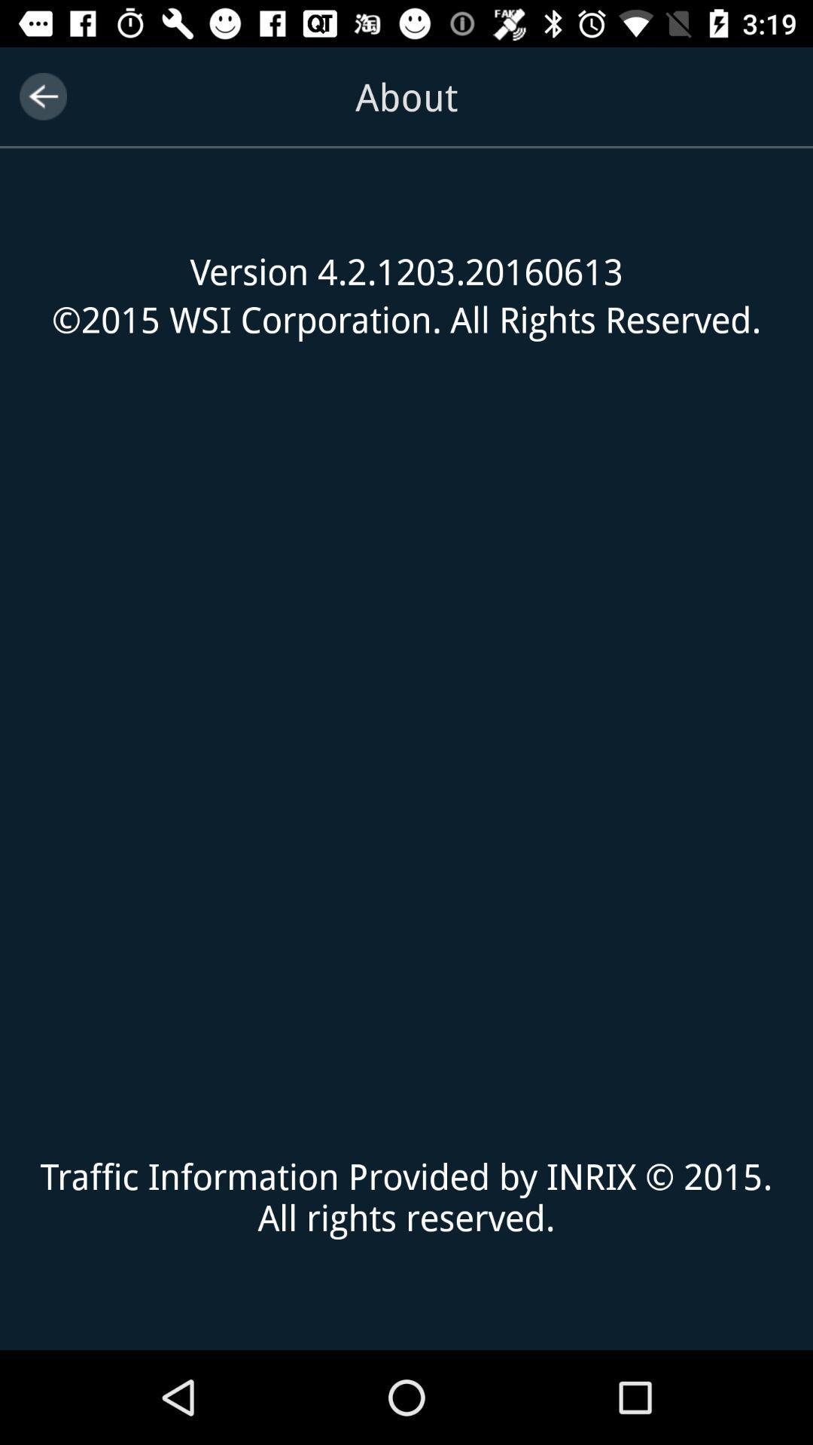  Describe the element at coordinates (42, 96) in the screenshot. I see `the arrow_backward icon` at that location.